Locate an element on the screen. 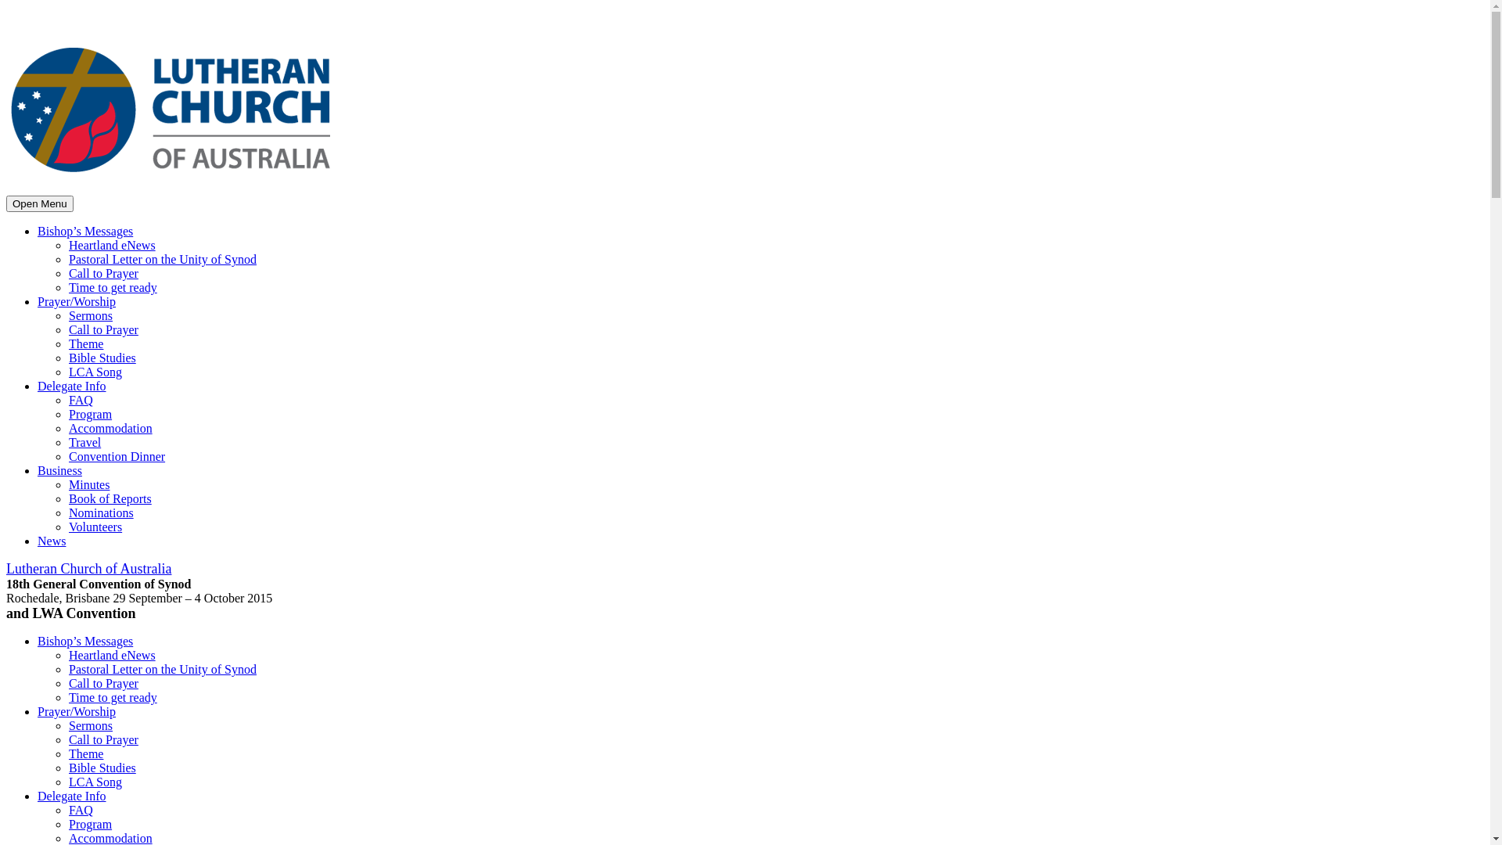 This screenshot has width=1502, height=845. 'Nominations' is located at coordinates (100, 512).